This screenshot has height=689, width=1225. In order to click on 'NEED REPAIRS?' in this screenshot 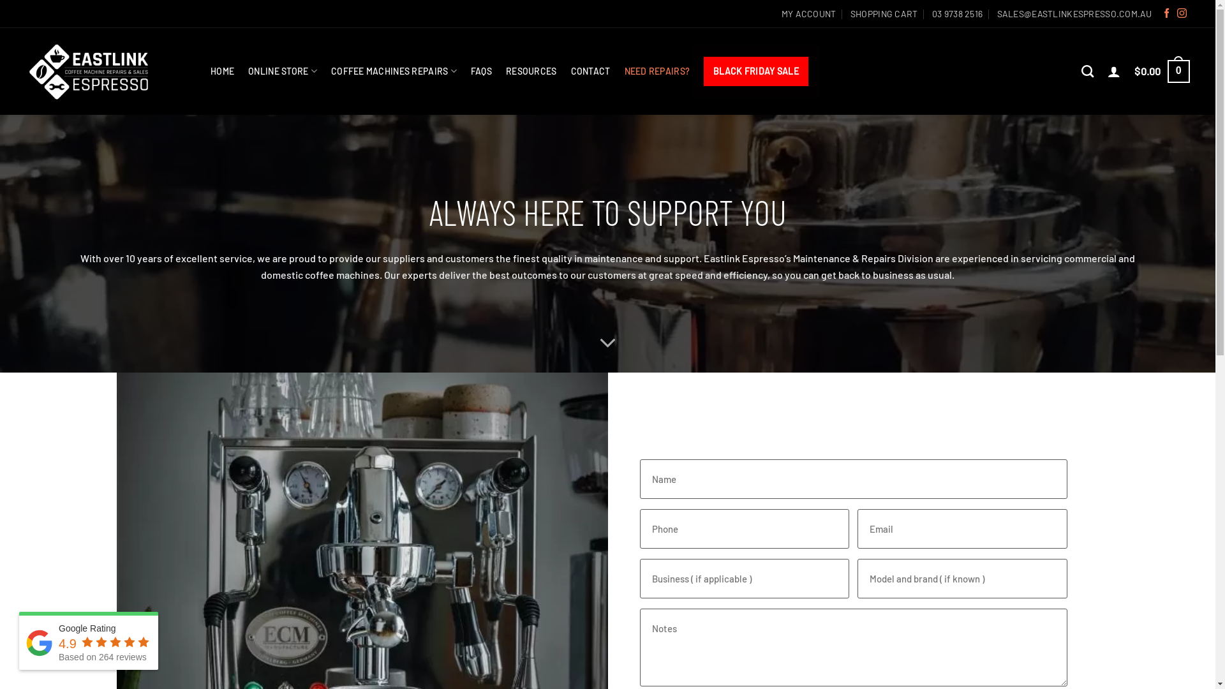, I will do `click(657, 71)`.